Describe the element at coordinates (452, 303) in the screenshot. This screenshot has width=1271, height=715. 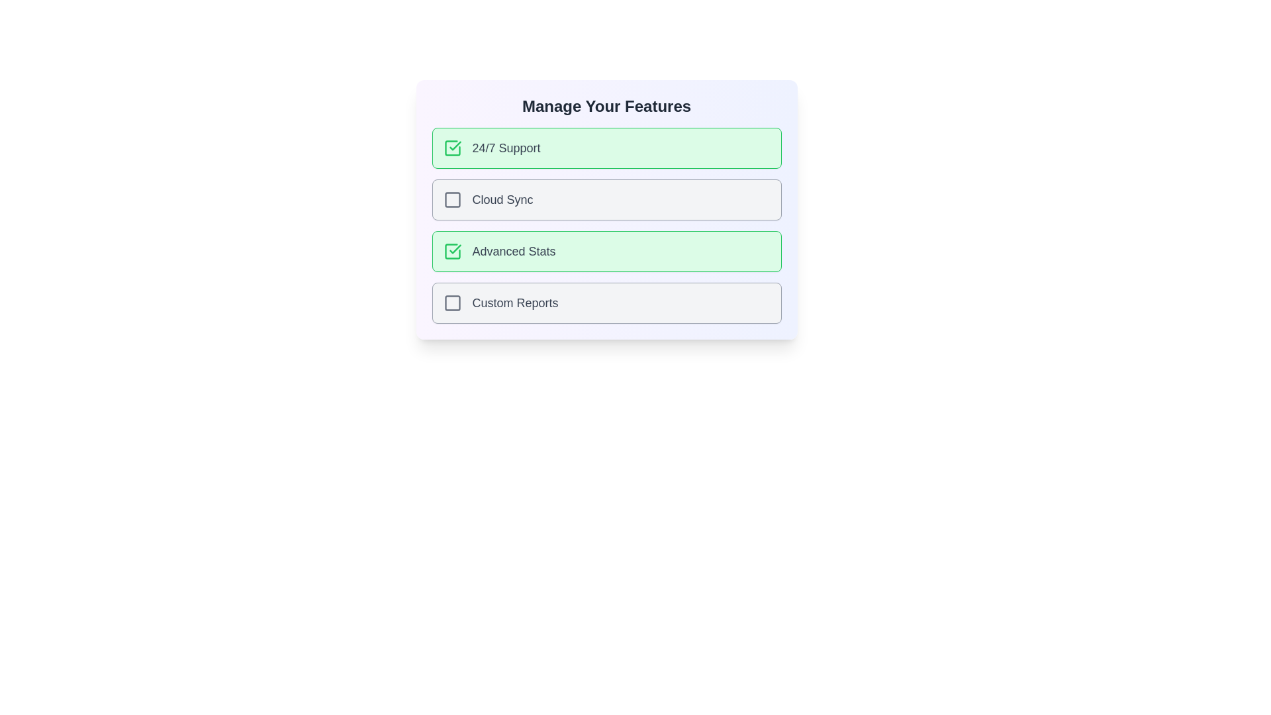
I see `the checkbox icon` at that location.